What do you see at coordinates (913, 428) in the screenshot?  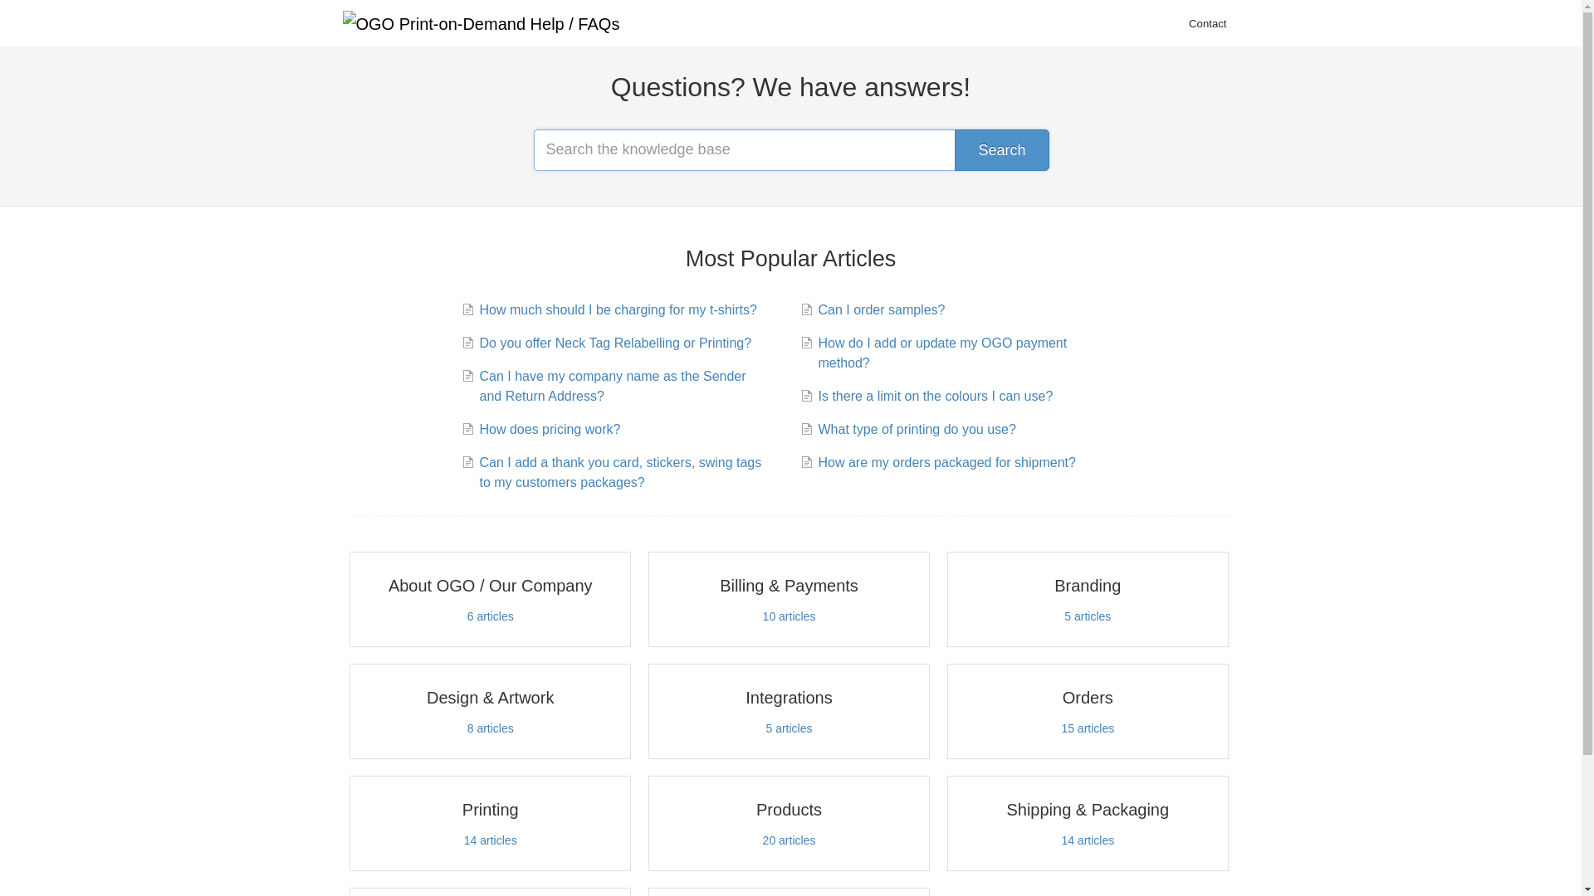 I see `'What type of printing do you use?'` at bounding box center [913, 428].